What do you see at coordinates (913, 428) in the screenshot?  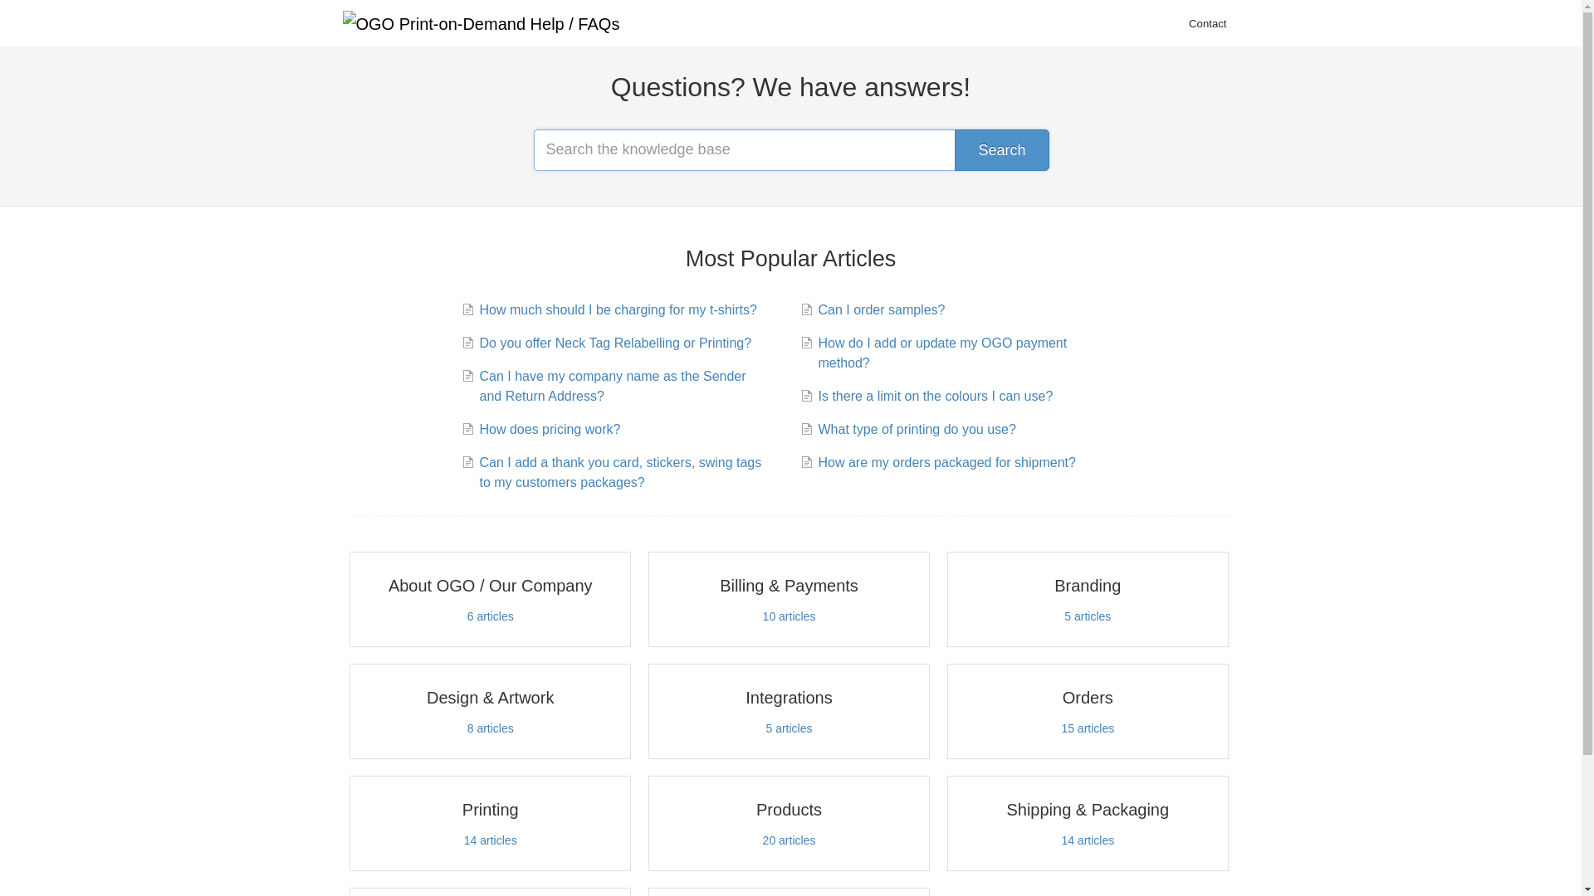 I see `'What type of printing do you use?'` at bounding box center [913, 428].